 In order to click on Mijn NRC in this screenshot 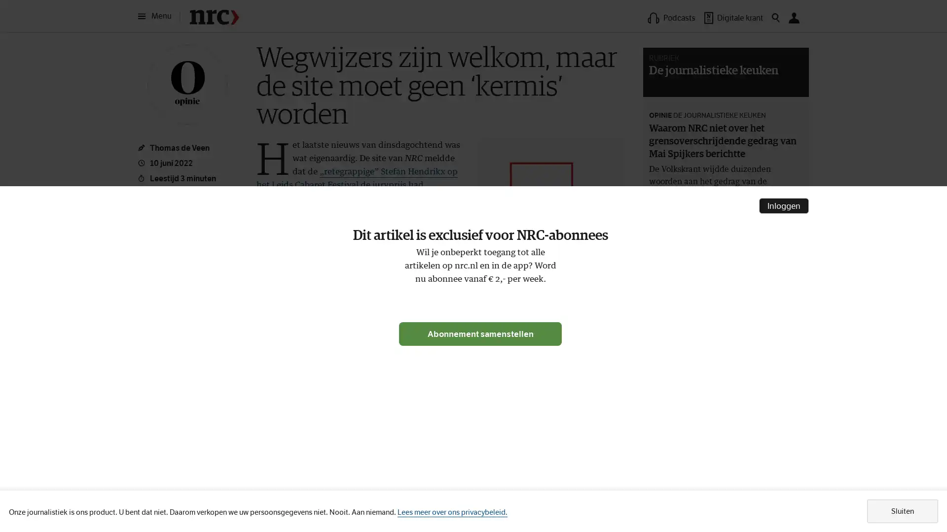, I will do `click(794, 18)`.